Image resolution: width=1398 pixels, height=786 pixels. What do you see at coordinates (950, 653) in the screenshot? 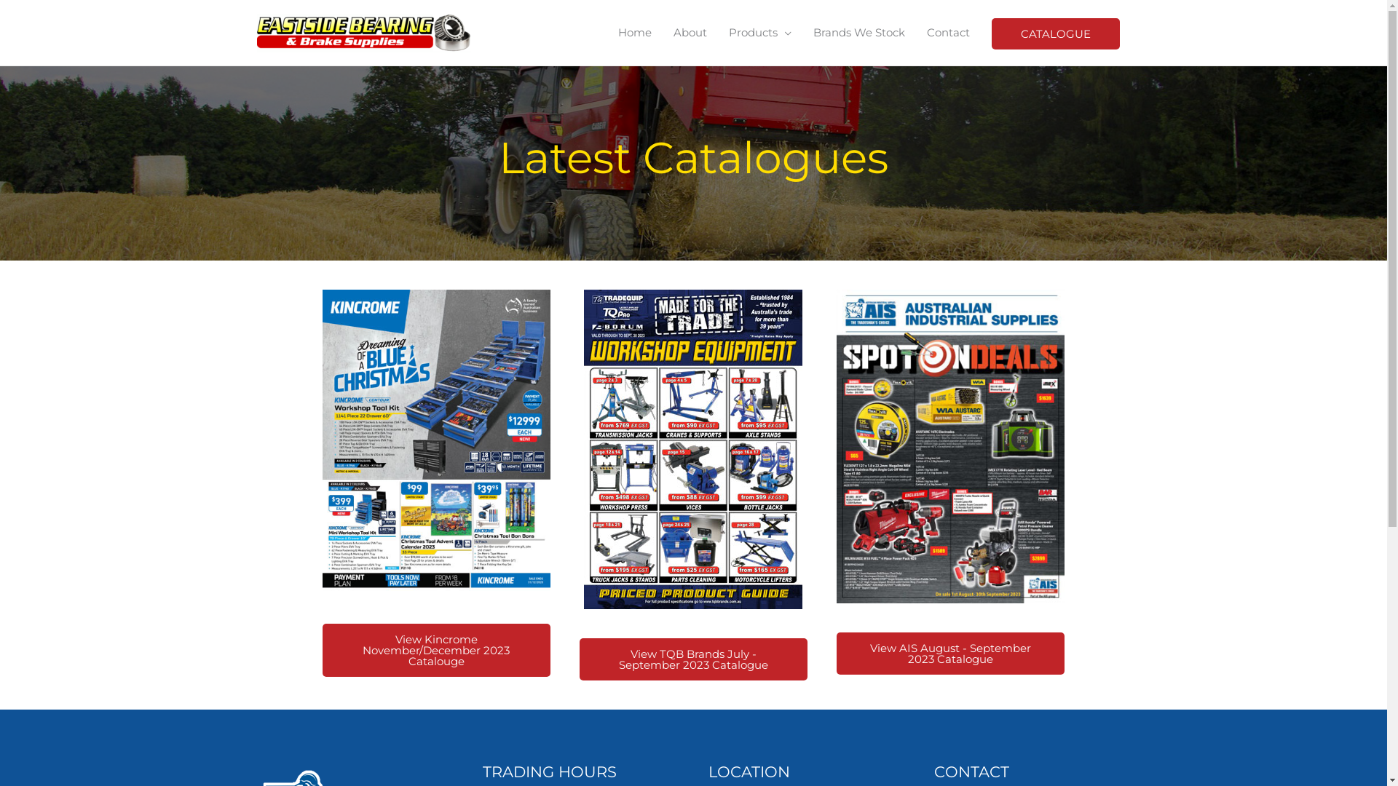
I see `'View AIS August - September 2023 Catalogue'` at bounding box center [950, 653].